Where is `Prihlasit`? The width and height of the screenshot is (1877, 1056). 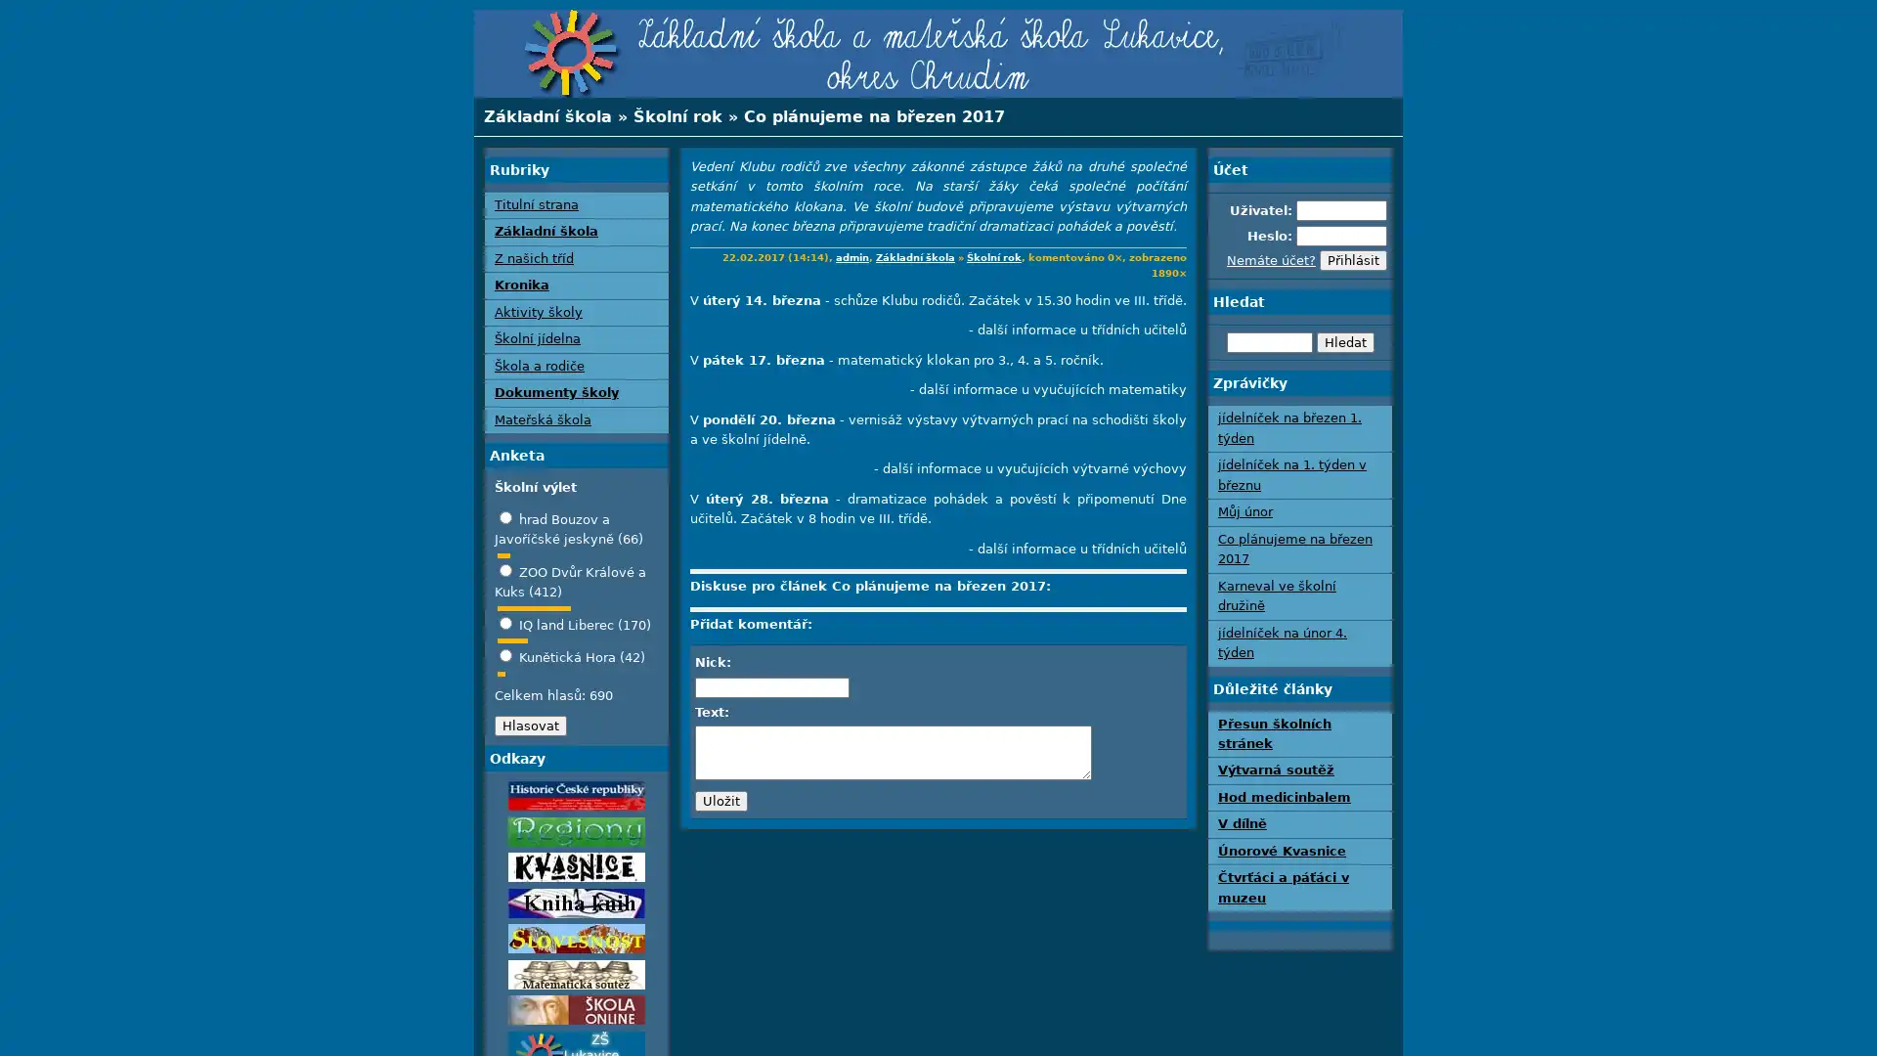
Prihlasit is located at coordinates (1352, 259).